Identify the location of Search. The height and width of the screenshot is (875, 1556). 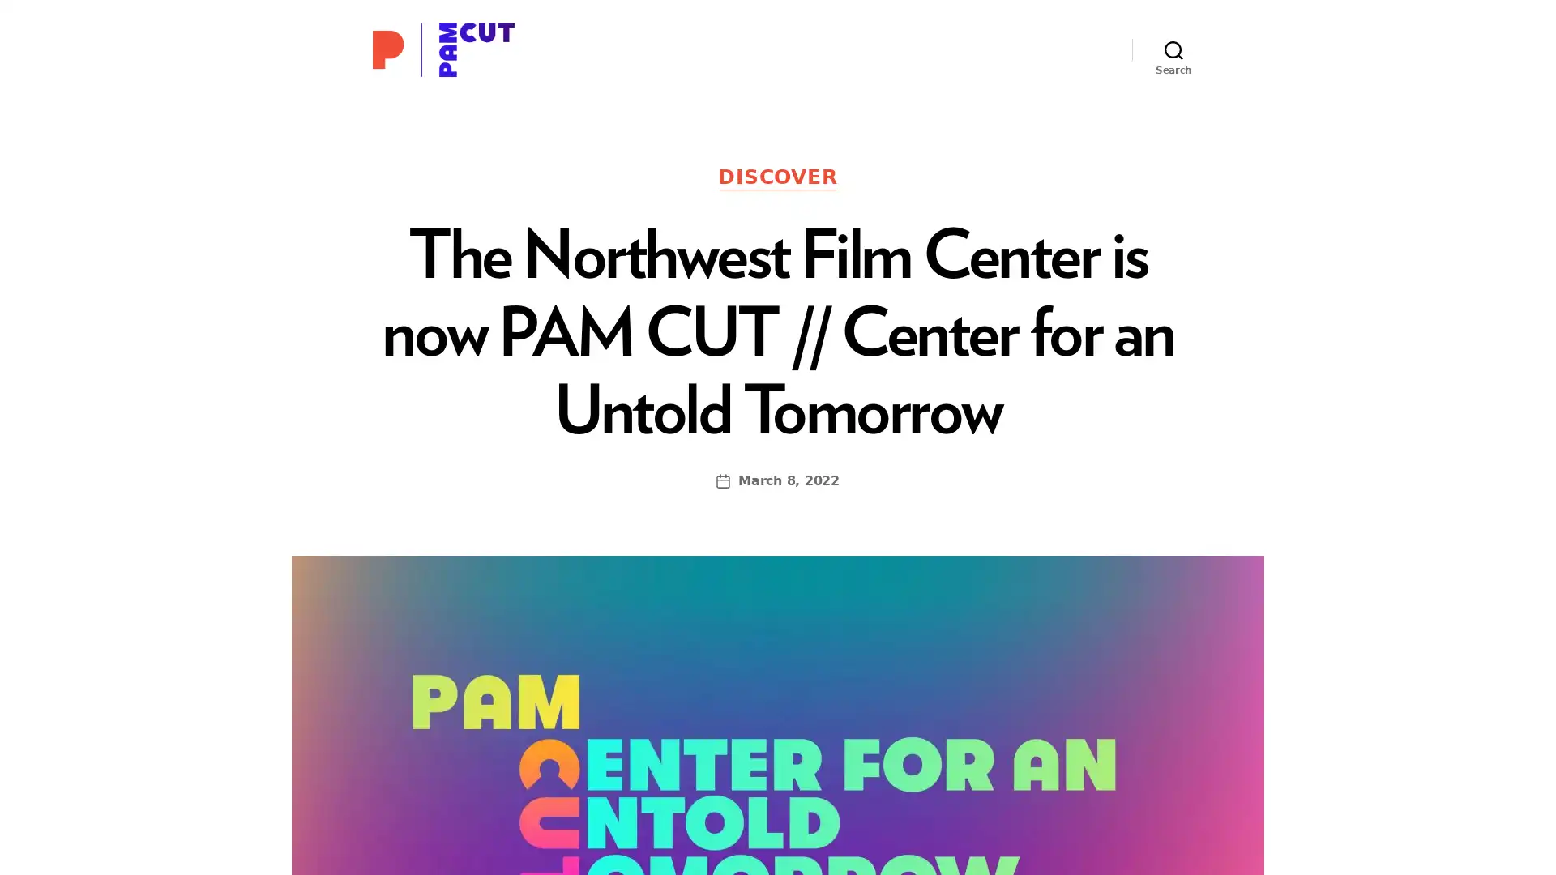
(1173, 58).